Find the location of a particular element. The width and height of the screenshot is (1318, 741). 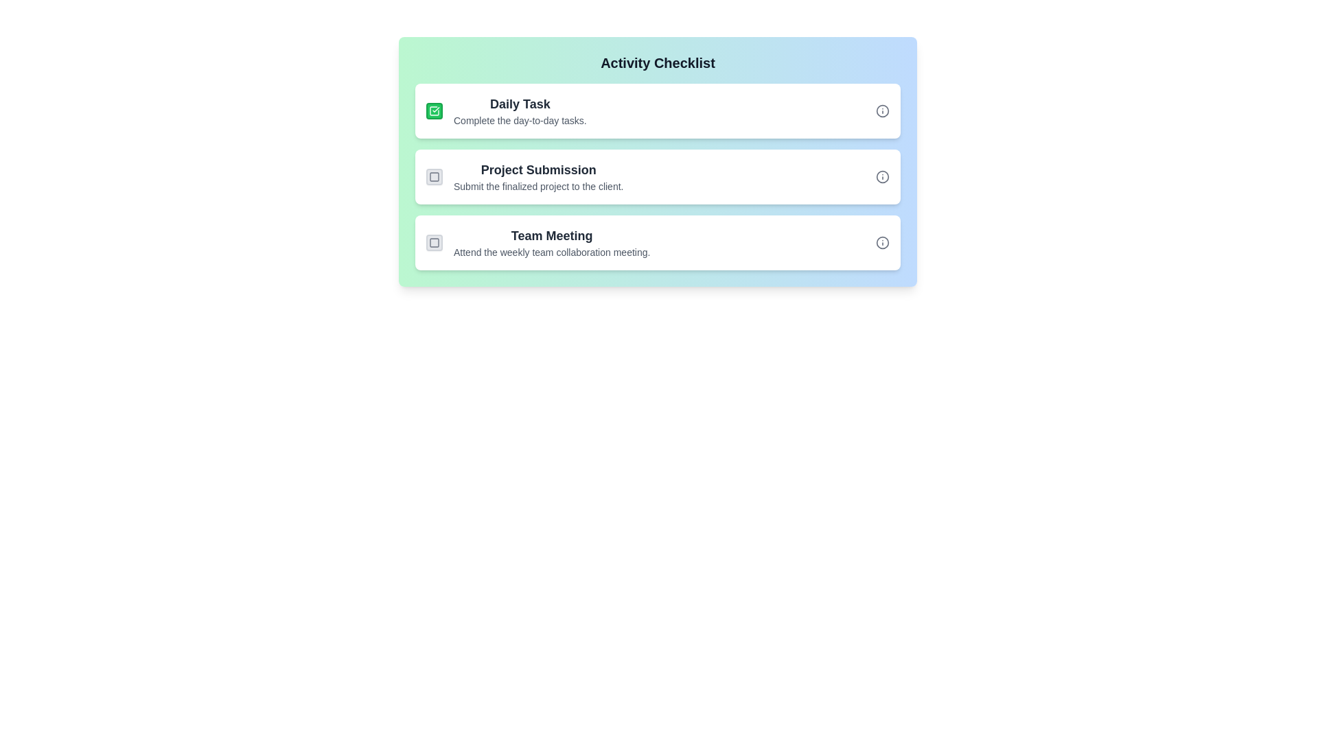

the text label that provides additional details about the 'Project Submission' task, located directly beneath the header is located at coordinates (537, 187).